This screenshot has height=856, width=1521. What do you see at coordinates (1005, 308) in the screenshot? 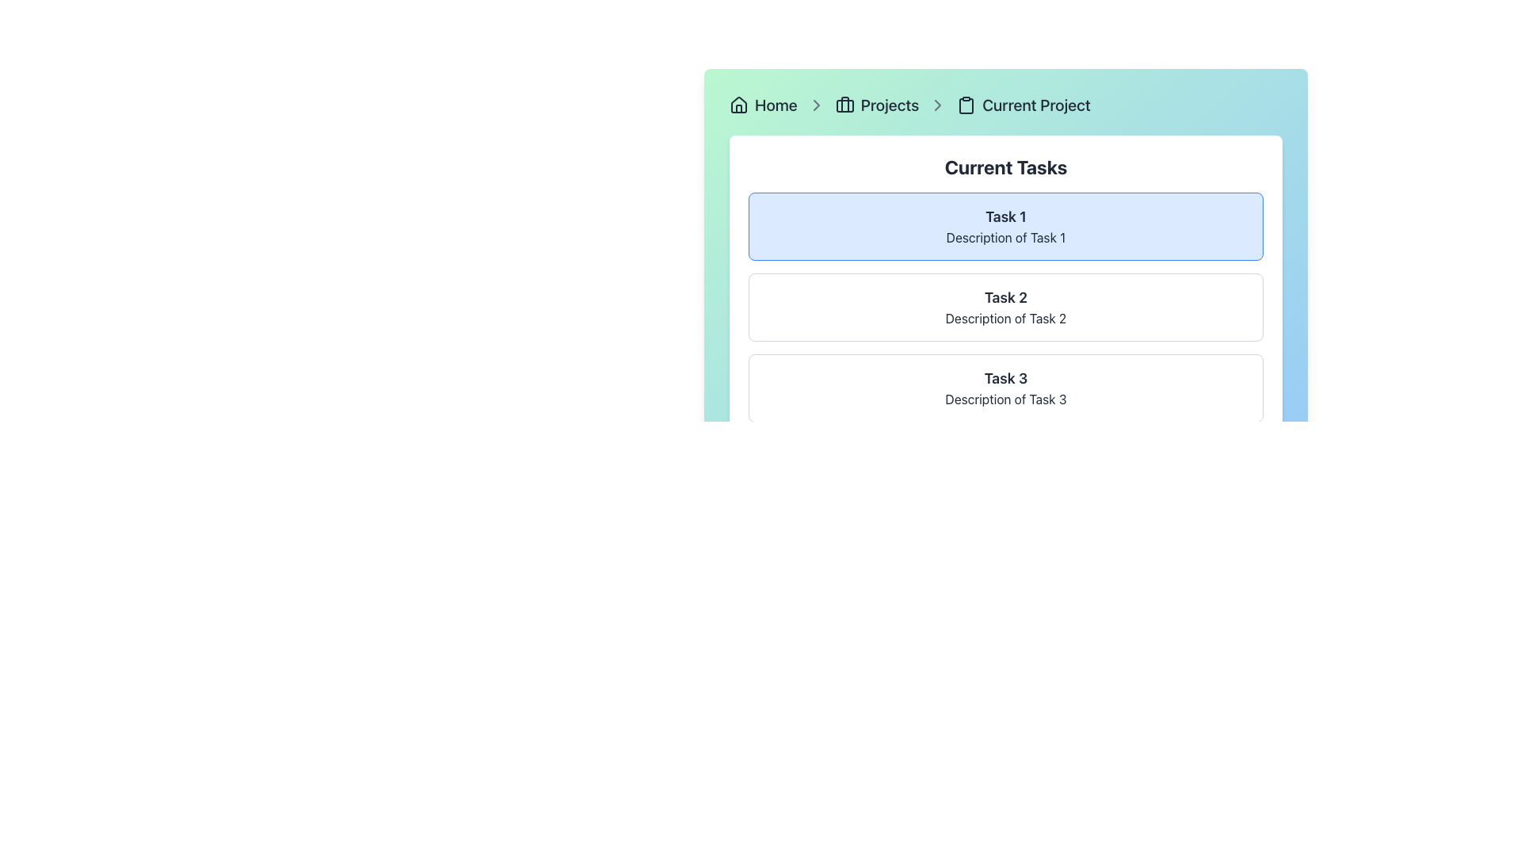
I see `the non-interactive display component that shows information about 'Task 2' in the 'Current Tasks' section` at bounding box center [1005, 308].